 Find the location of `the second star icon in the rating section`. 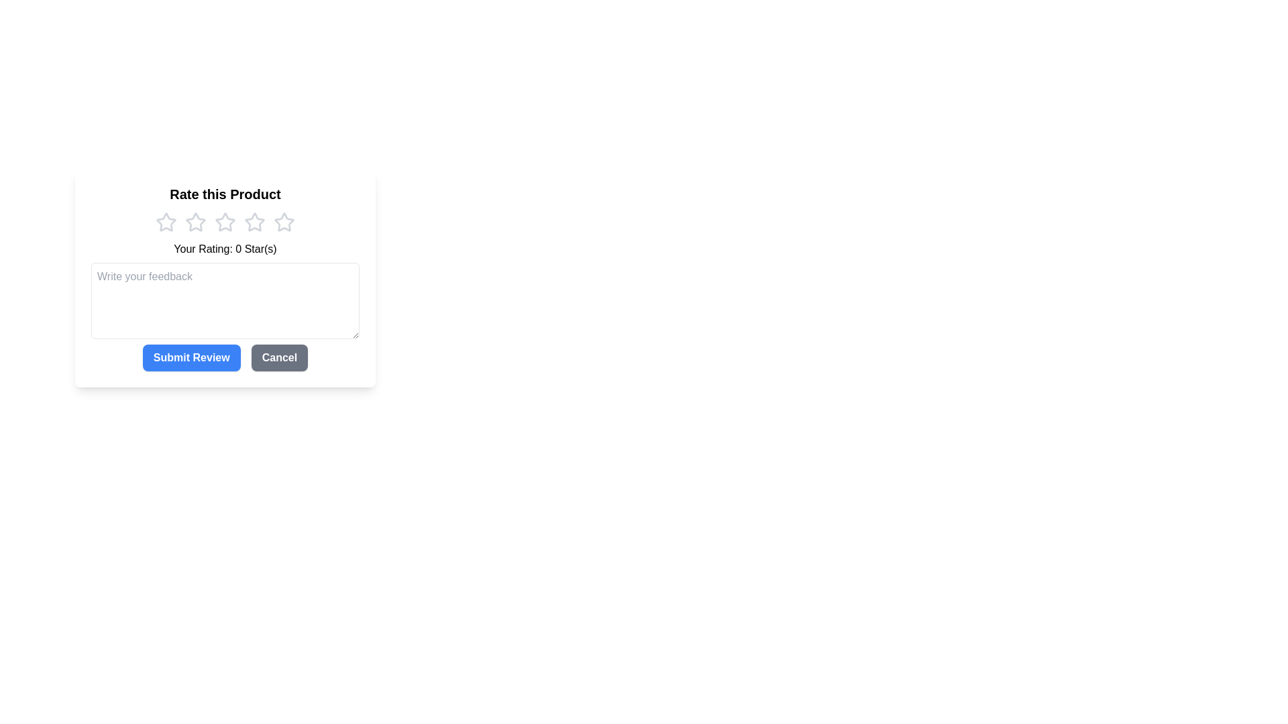

the second star icon in the rating section is located at coordinates (195, 221).